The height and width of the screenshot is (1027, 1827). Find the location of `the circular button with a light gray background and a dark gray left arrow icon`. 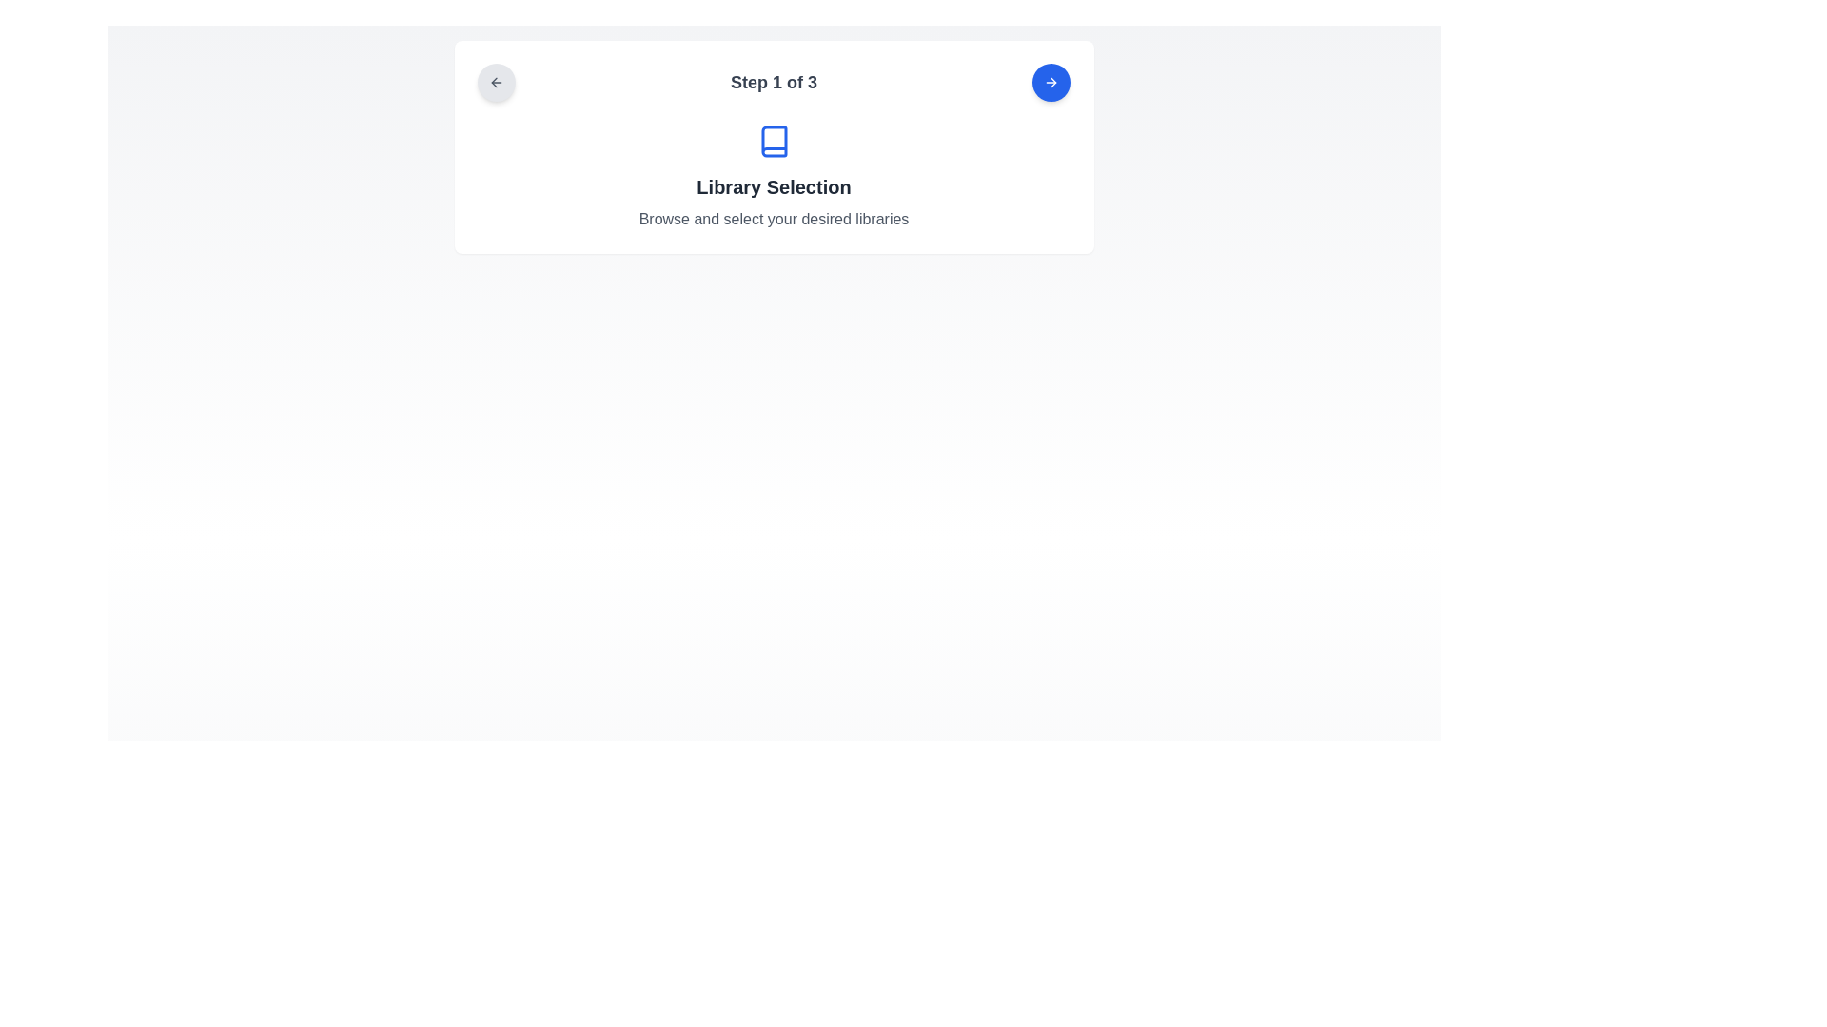

the circular button with a light gray background and a dark gray left arrow icon is located at coordinates (496, 82).